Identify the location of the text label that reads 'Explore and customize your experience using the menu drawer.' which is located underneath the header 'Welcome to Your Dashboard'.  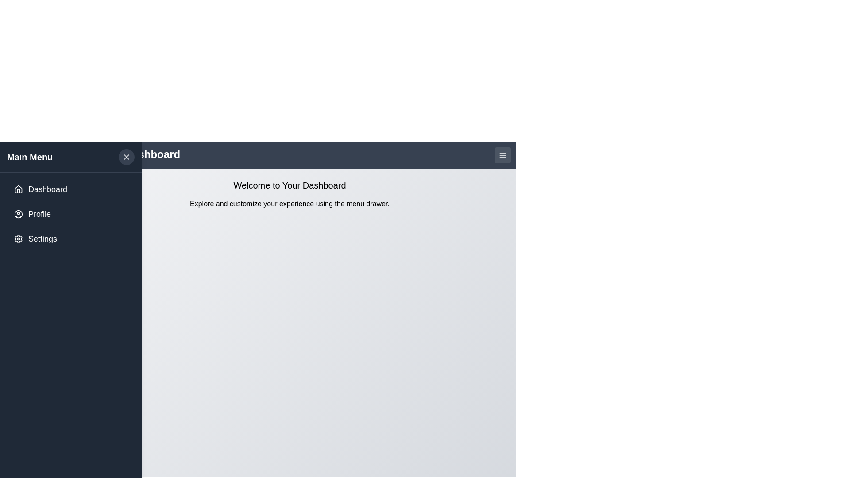
(290, 204).